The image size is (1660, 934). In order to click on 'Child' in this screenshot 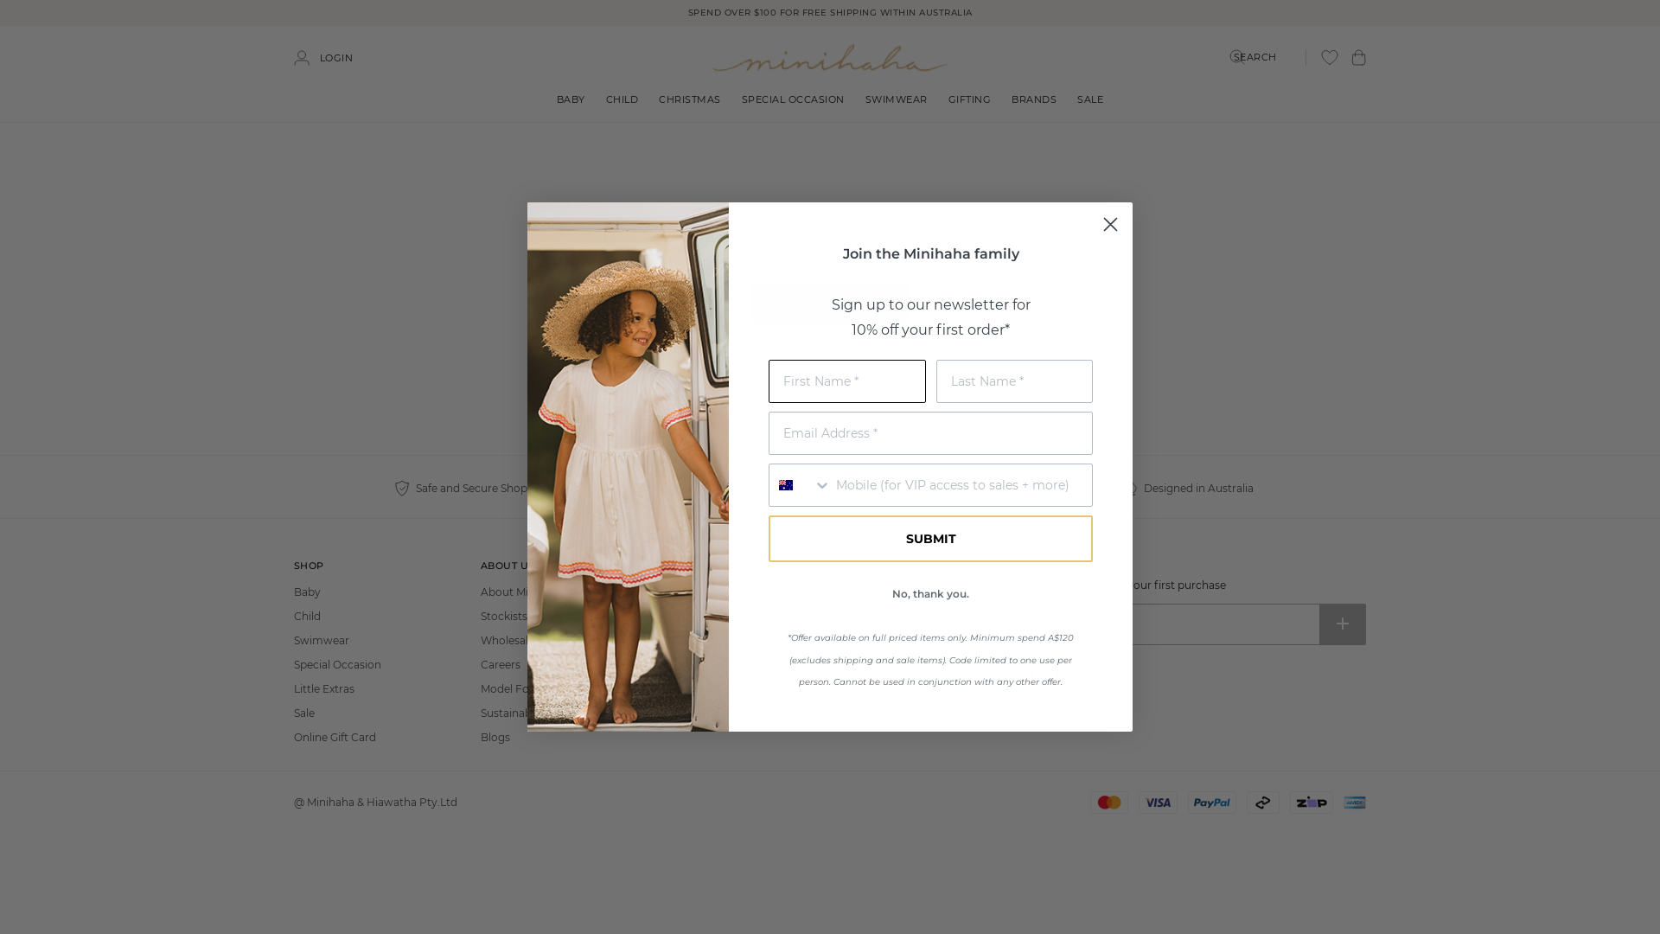, I will do `click(307, 615)`.